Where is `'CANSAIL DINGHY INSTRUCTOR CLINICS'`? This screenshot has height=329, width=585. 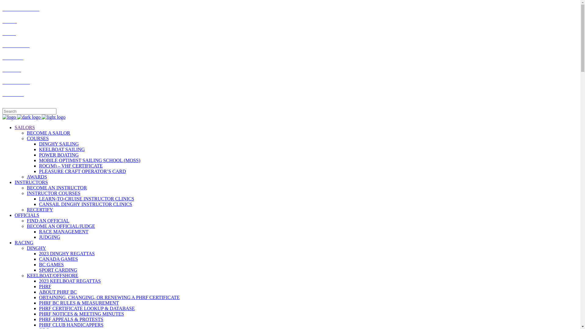 'CANSAIL DINGHY INSTRUCTOR CLINICS' is located at coordinates (85, 204).